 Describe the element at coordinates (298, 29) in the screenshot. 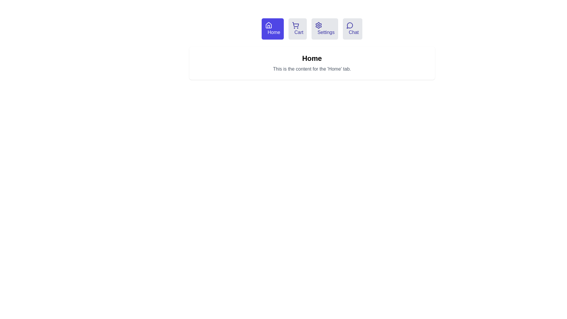

I see `the tab labeled Cart` at that location.